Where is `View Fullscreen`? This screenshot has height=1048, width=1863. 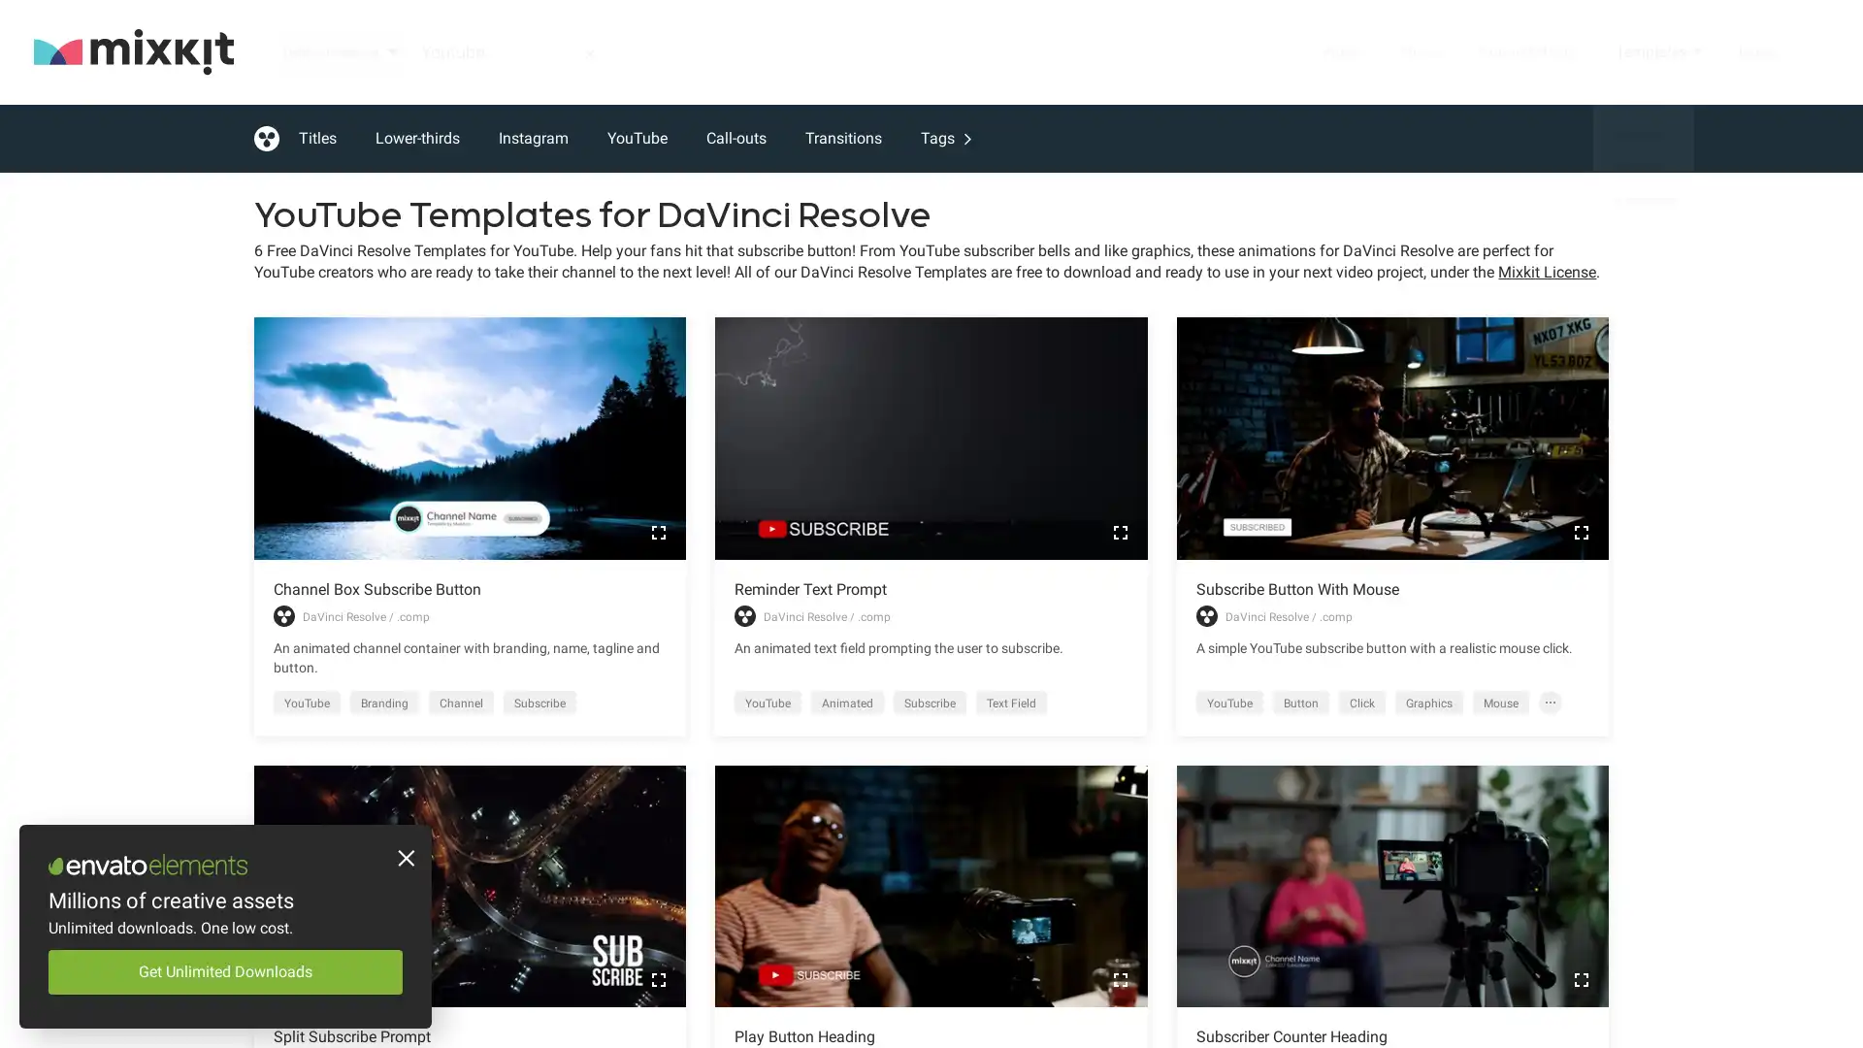
View Fullscreen is located at coordinates (1580, 531).